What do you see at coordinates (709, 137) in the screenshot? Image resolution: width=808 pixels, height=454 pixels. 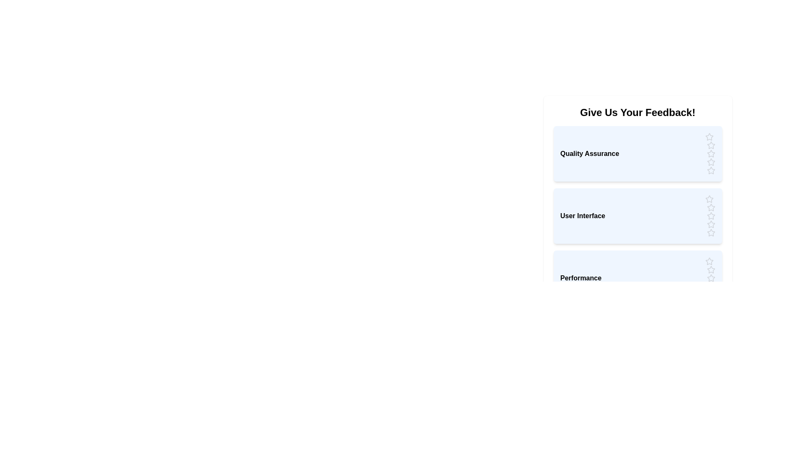 I see `the rating for the category 'Quality Assurance' to 1 stars` at bounding box center [709, 137].